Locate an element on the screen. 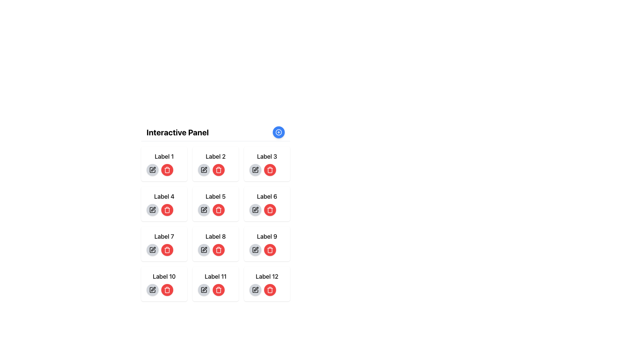  the Edit Icon located in the Interactive Panel under Label 5 to modify the associated entry is located at coordinates (203, 209).